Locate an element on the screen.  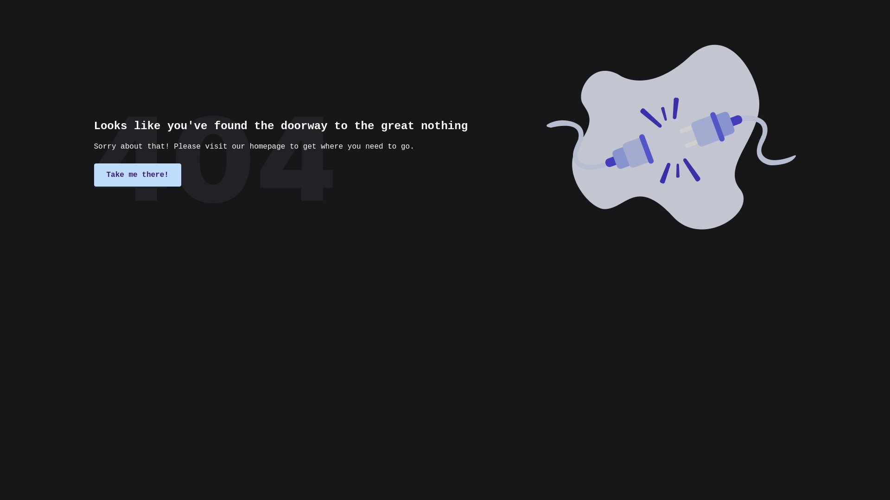
'Take me there!' is located at coordinates (137, 175).